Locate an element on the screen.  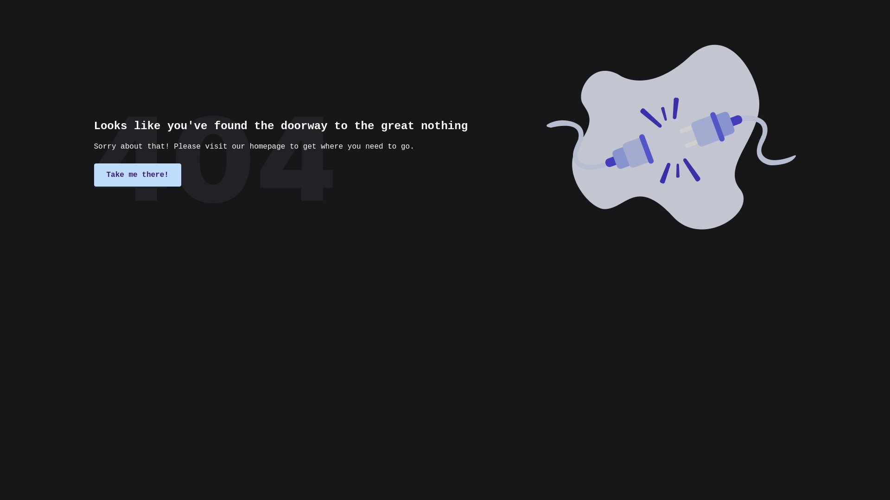
'Take me there!' is located at coordinates (137, 175).